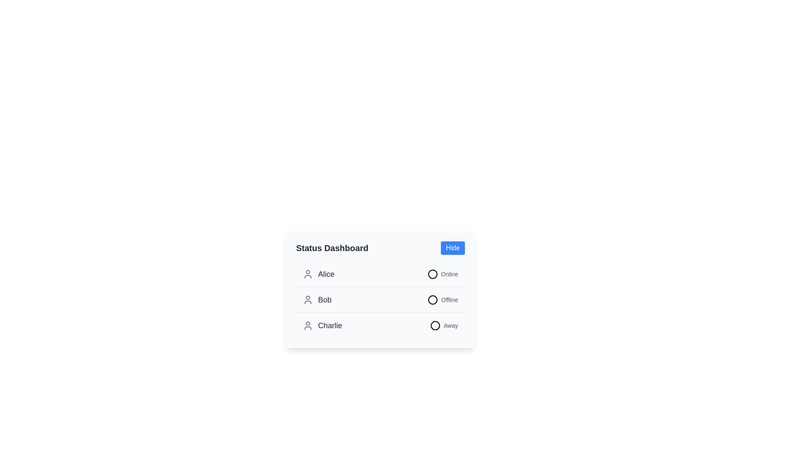 The height and width of the screenshot is (455, 810). What do you see at coordinates (380, 325) in the screenshot?
I see `the third row in the user status list displaying 'Charlie'` at bounding box center [380, 325].